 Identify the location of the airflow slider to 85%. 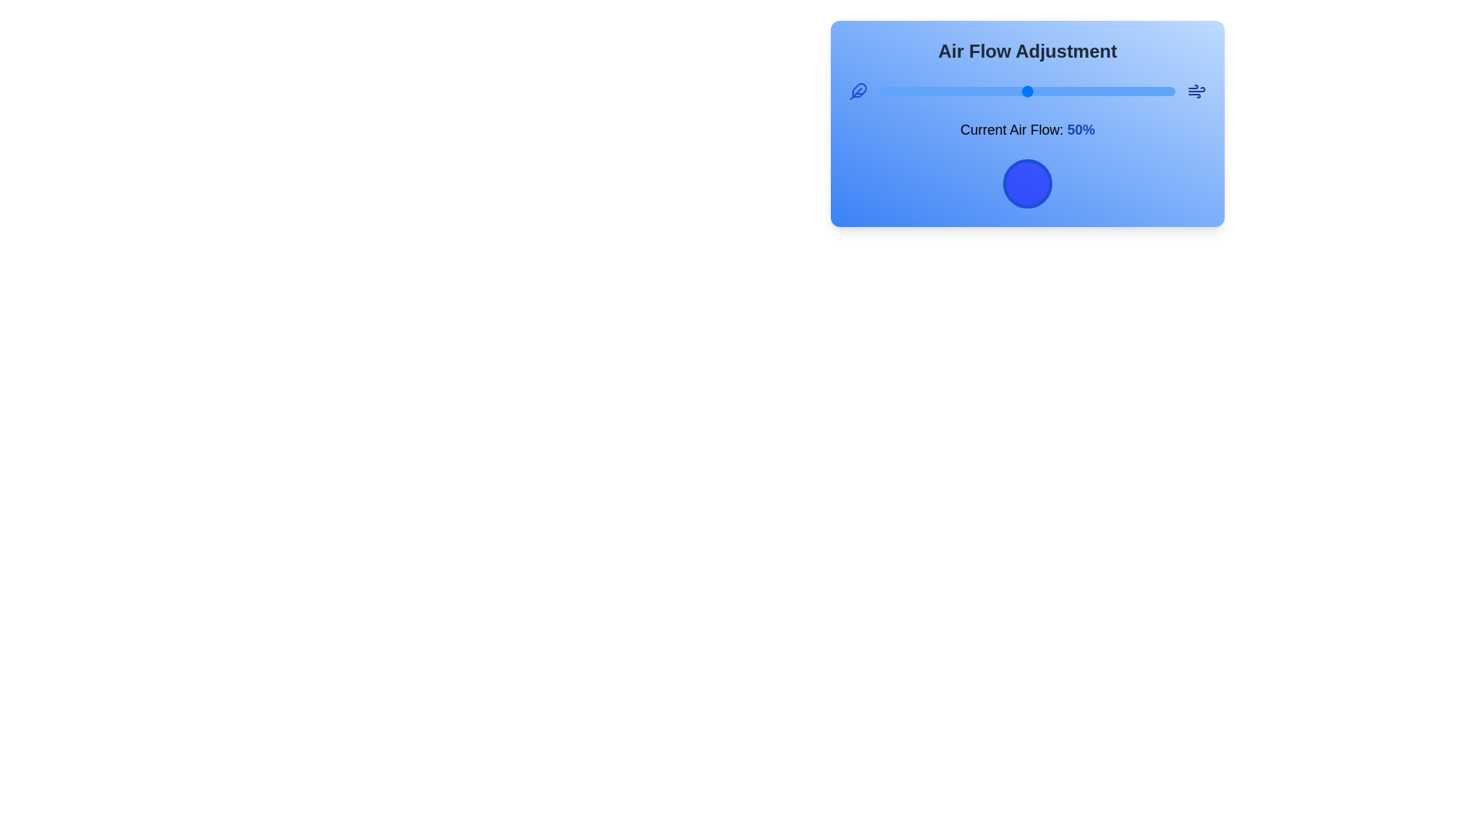
(1131, 92).